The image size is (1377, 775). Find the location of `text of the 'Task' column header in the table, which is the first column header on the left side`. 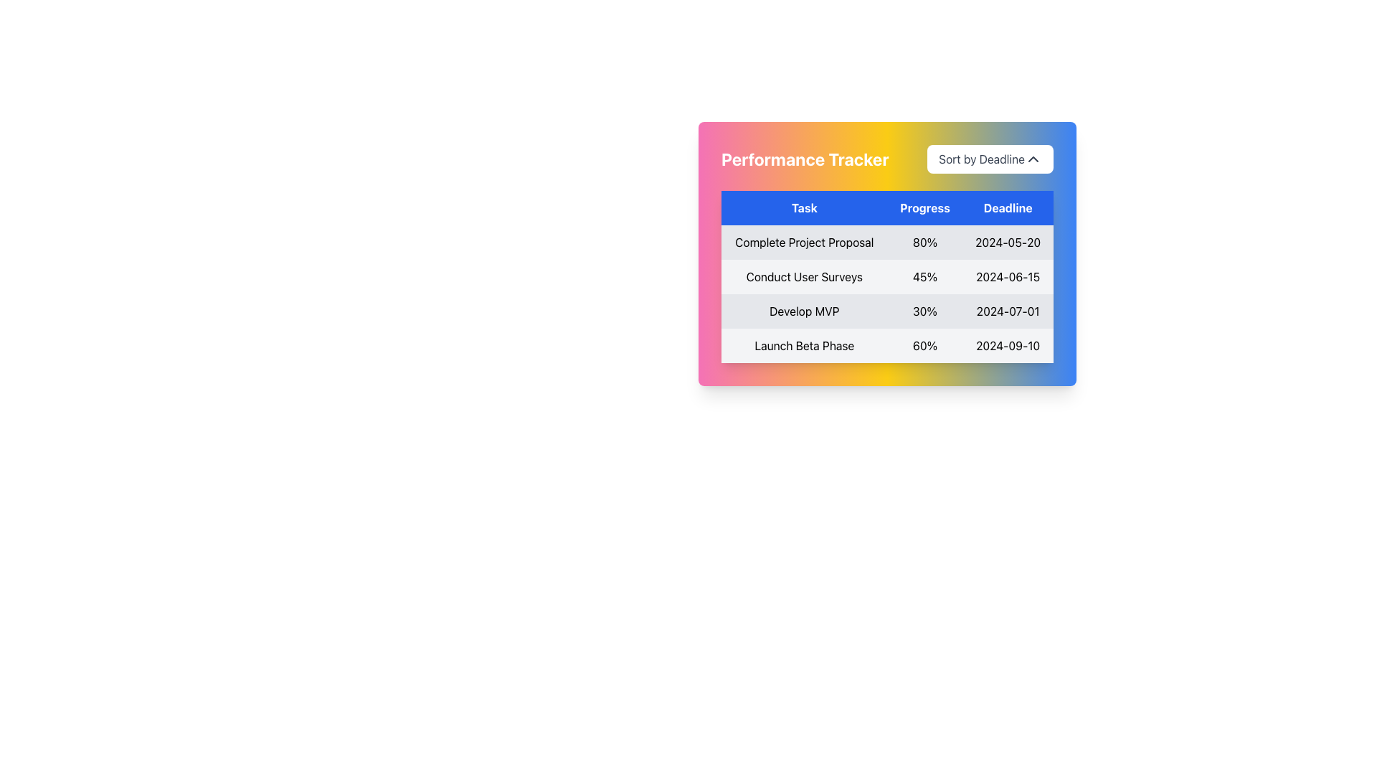

text of the 'Task' column header in the table, which is the first column header on the left side is located at coordinates (804, 207).